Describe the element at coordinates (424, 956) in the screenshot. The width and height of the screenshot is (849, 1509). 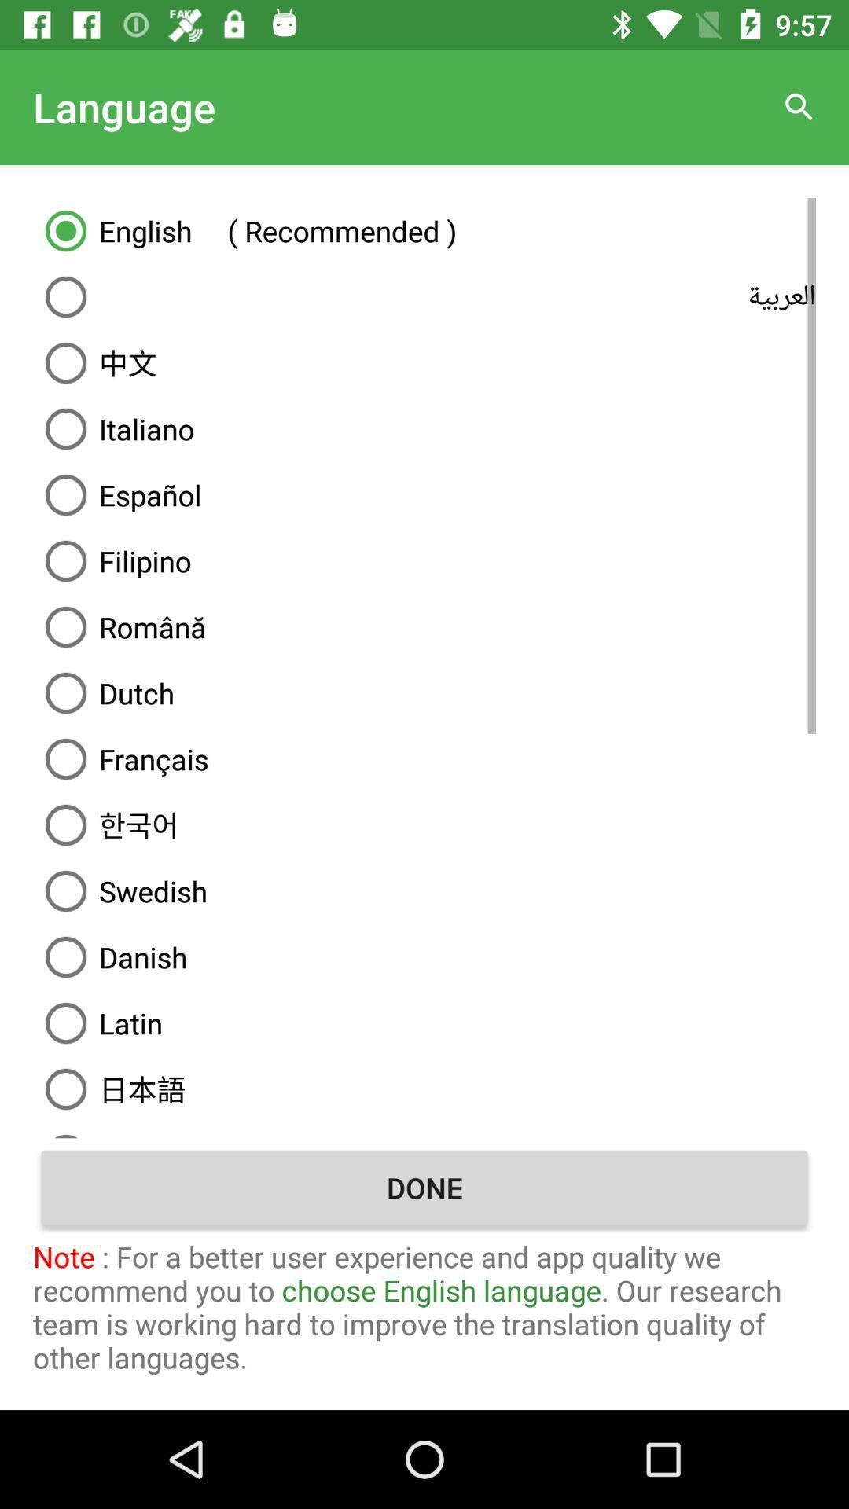
I see `the item below the swedish item` at that location.